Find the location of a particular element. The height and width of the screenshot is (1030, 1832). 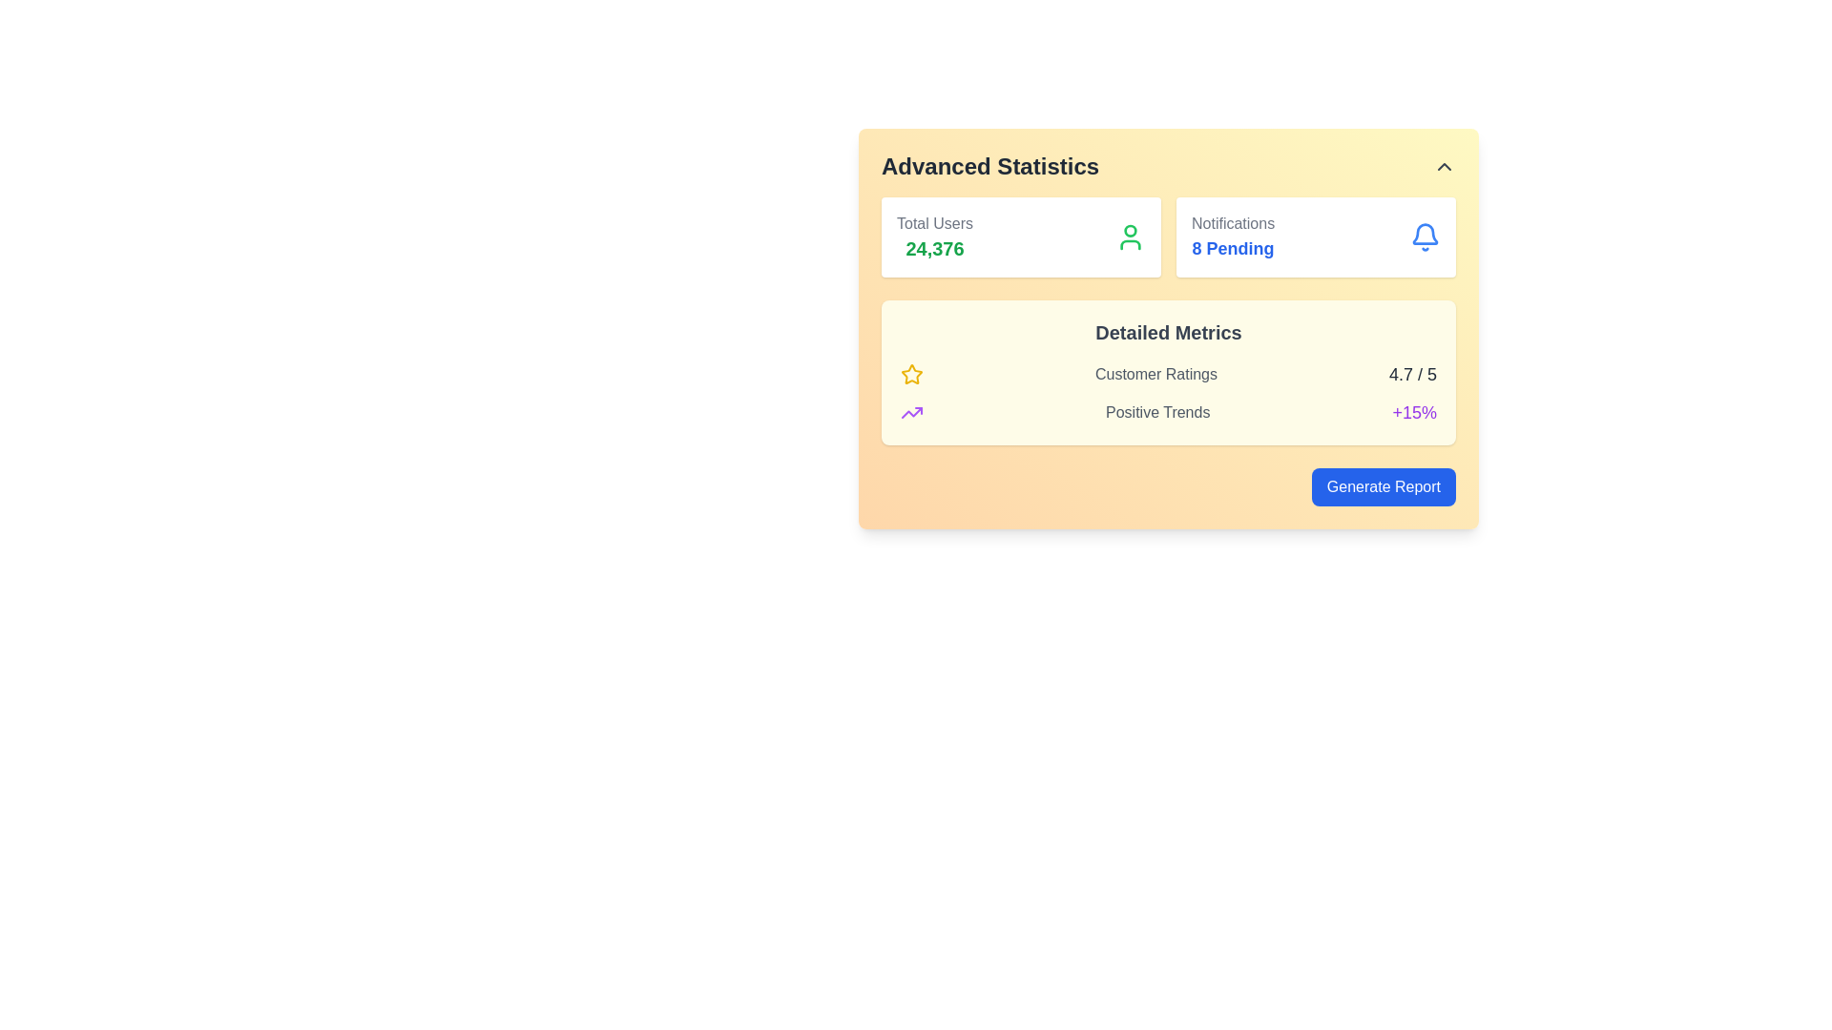

the Icon button with an upward chevron design located at the far right of the 'Advanced Statistics' section header for accessibility tools is located at coordinates (1444, 165).